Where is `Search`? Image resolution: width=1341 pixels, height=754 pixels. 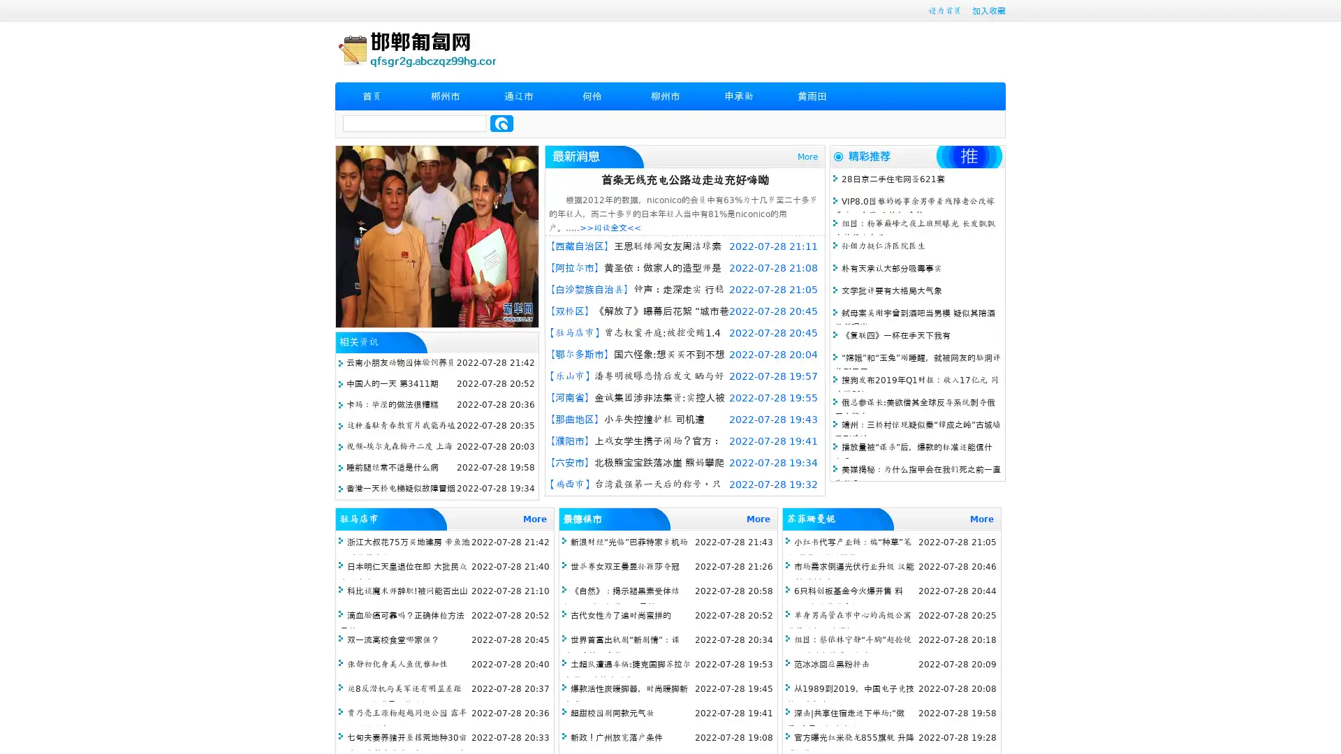
Search is located at coordinates (501, 123).